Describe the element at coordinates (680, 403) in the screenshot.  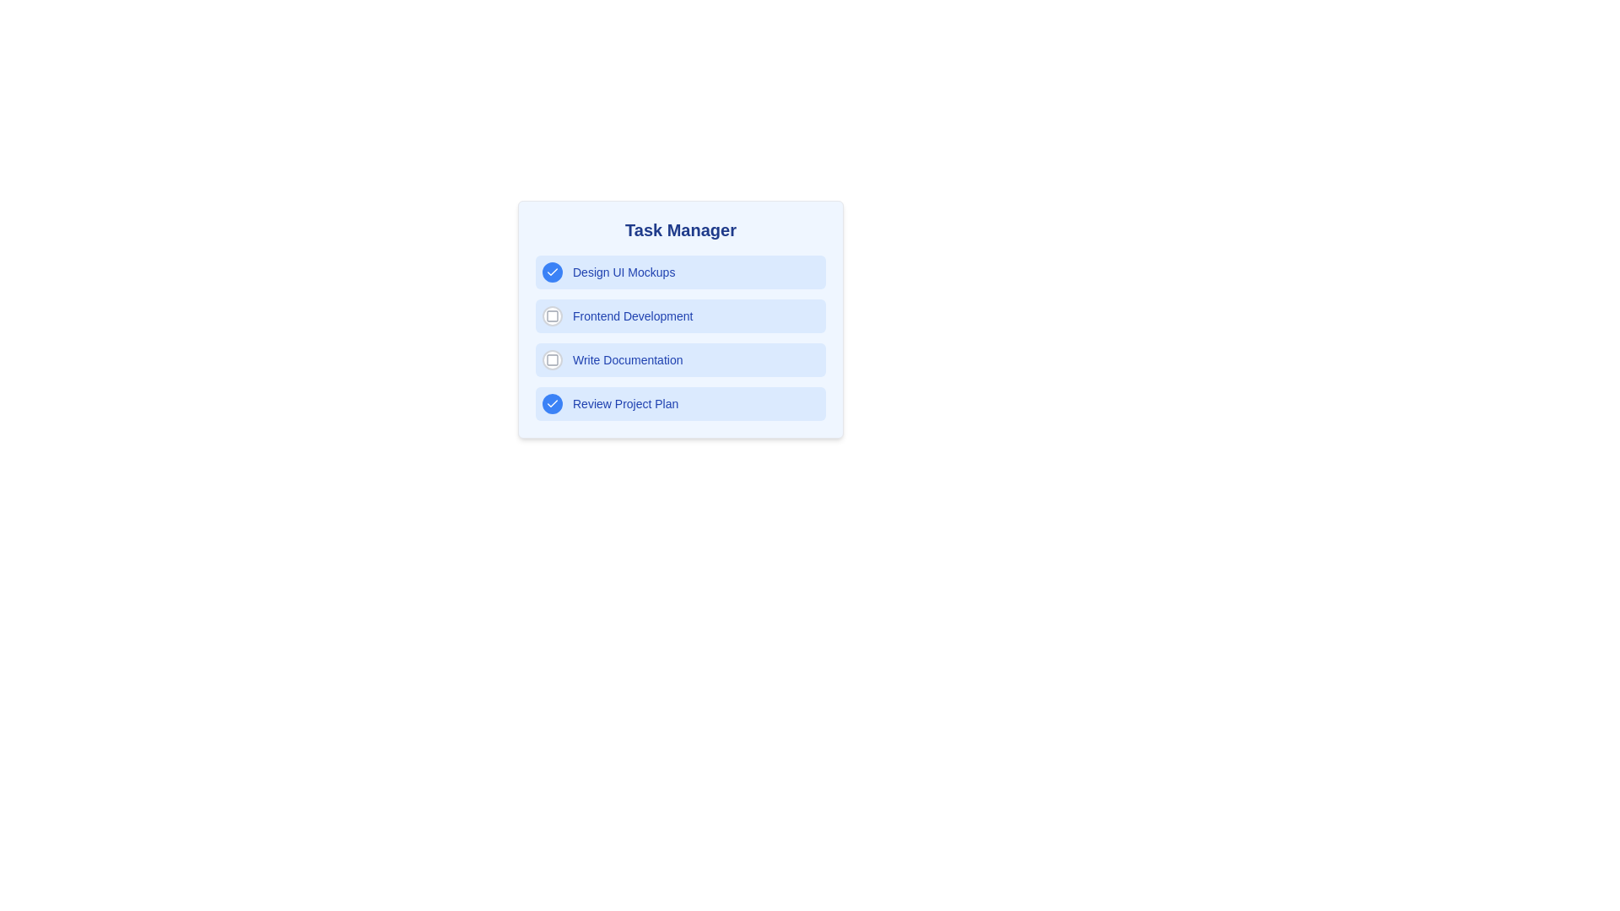
I see `the task Review Project Plan to reveal additional actions or effects` at that location.